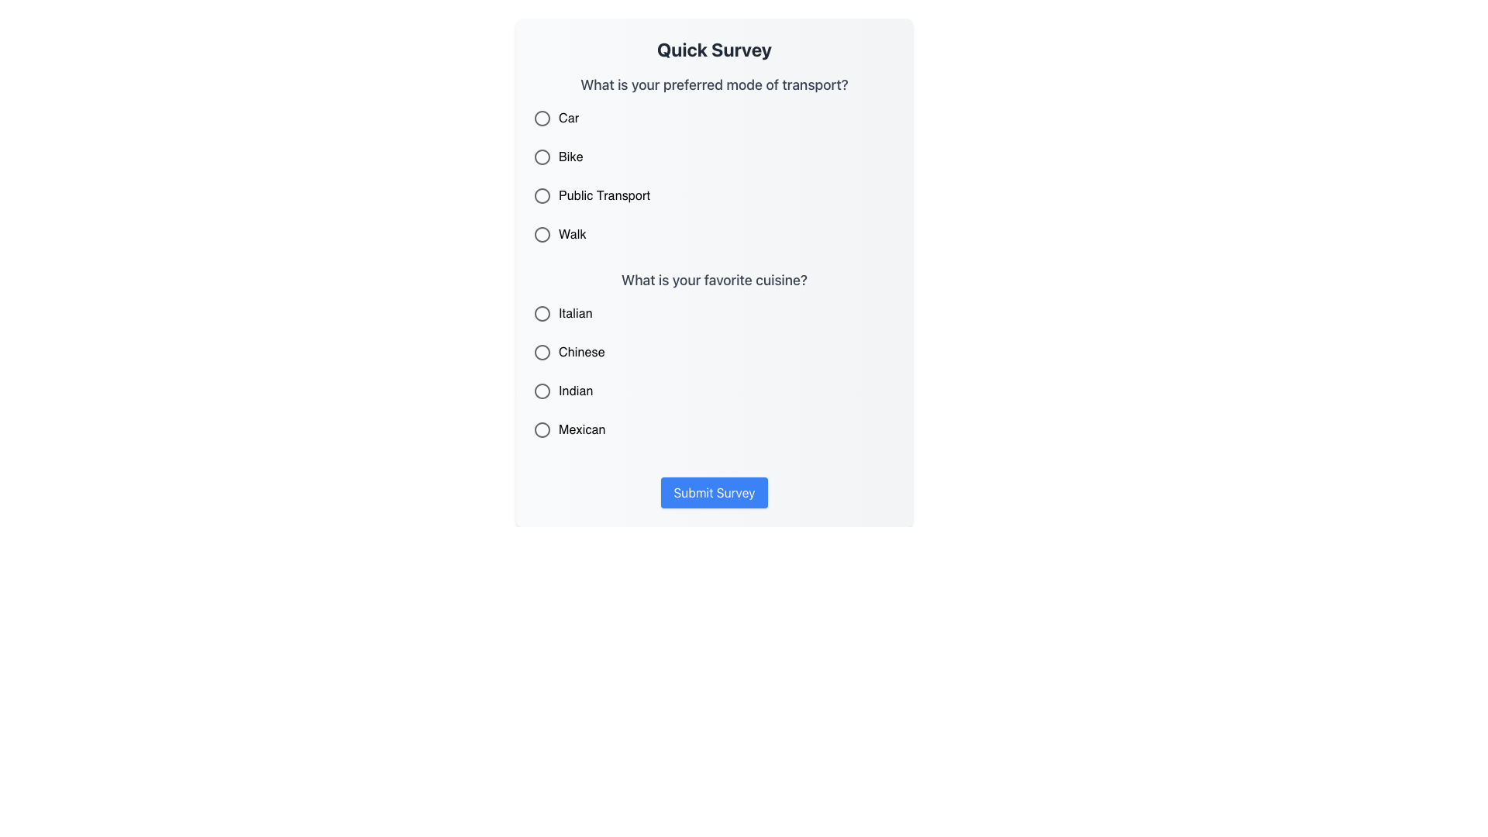 The width and height of the screenshot is (1488, 837). What do you see at coordinates (542, 195) in the screenshot?
I see `the 'Public Transport' radio button` at bounding box center [542, 195].